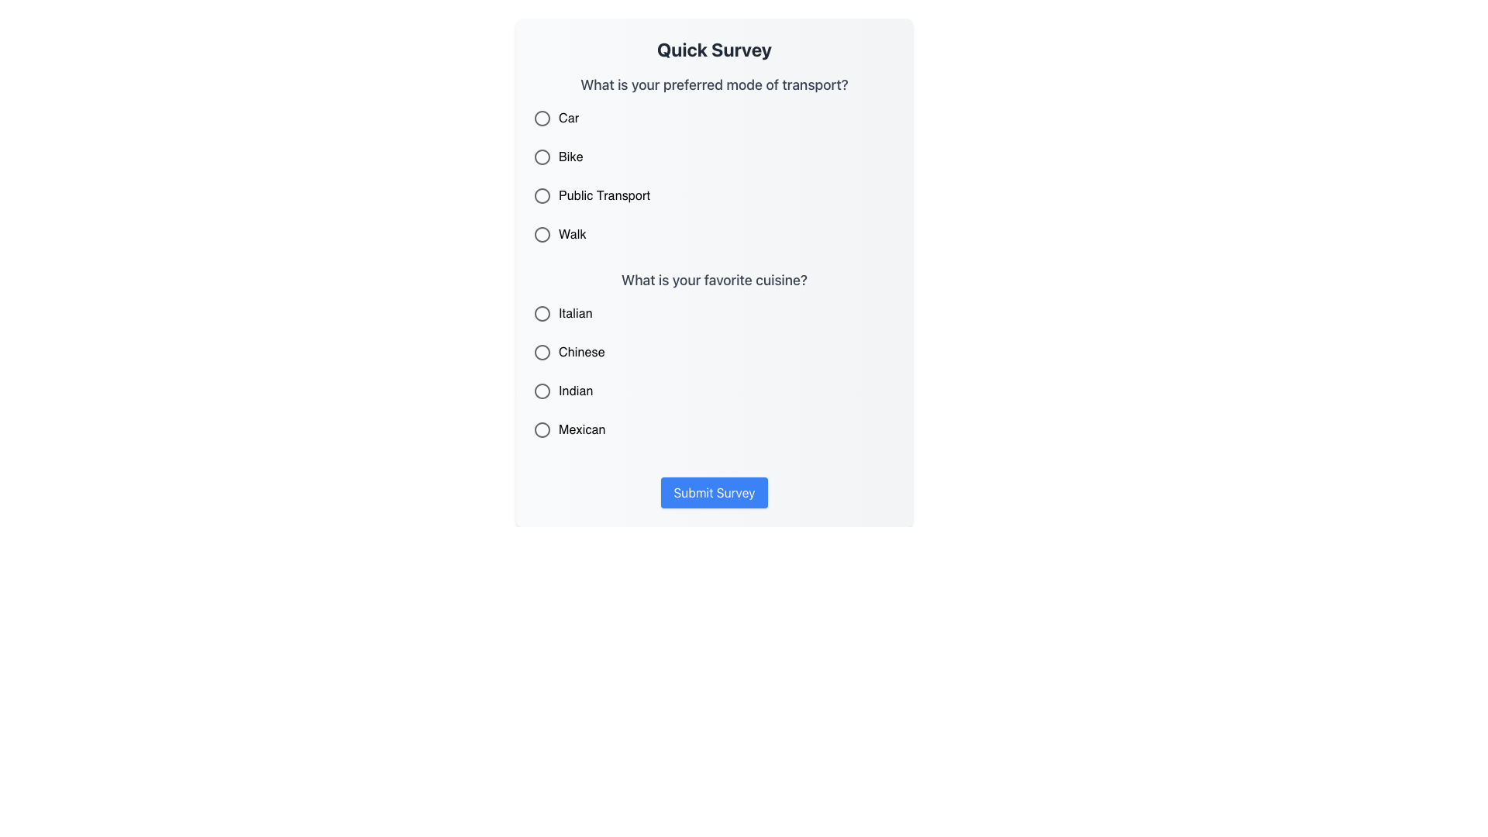 The width and height of the screenshot is (1488, 837). What do you see at coordinates (542, 195) in the screenshot?
I see `the 'Public Transport' radio button` at bounding box center [542, 195].